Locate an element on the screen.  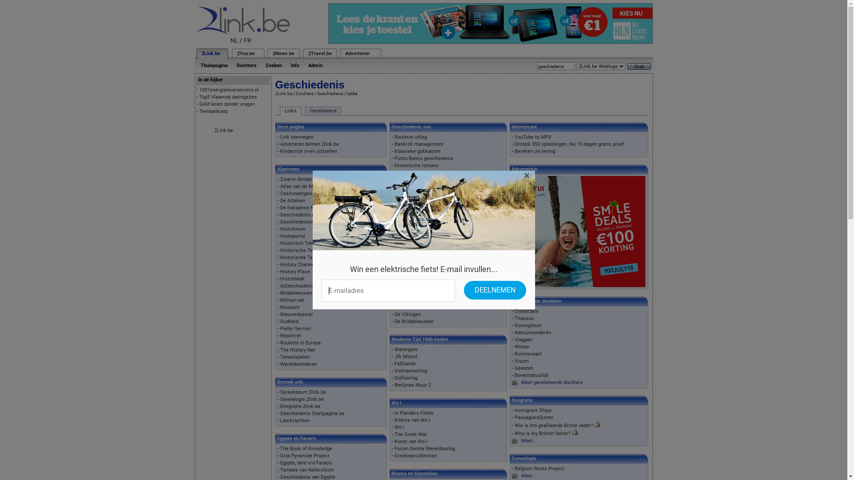
'Vietnamoorlog' is located at coordinates (410, 371).